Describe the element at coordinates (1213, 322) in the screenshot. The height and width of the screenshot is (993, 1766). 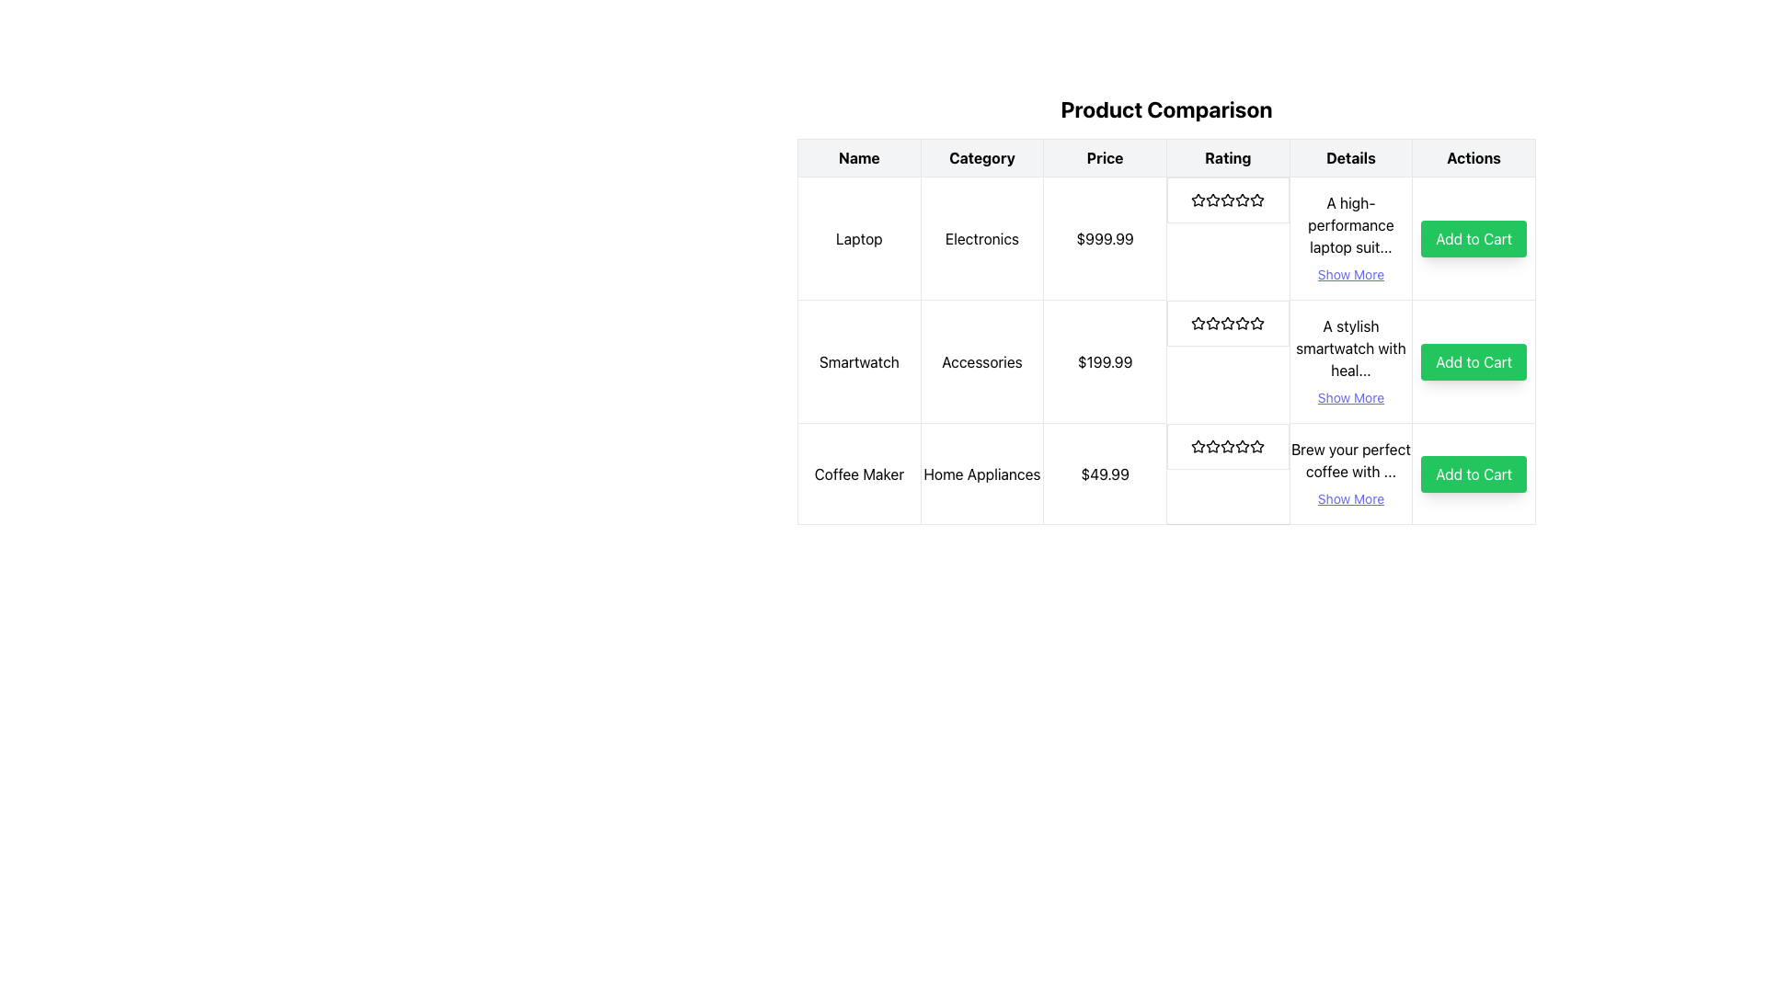
I see `the third star in the five-star product rating system for the 'Smartwatch' row in the 'Rating' column` at that location.